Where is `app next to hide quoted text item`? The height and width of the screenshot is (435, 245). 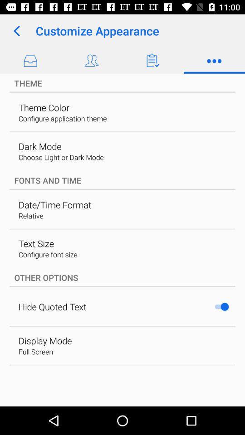 app next to hide quoted text item is located at coordinates (221, 307).